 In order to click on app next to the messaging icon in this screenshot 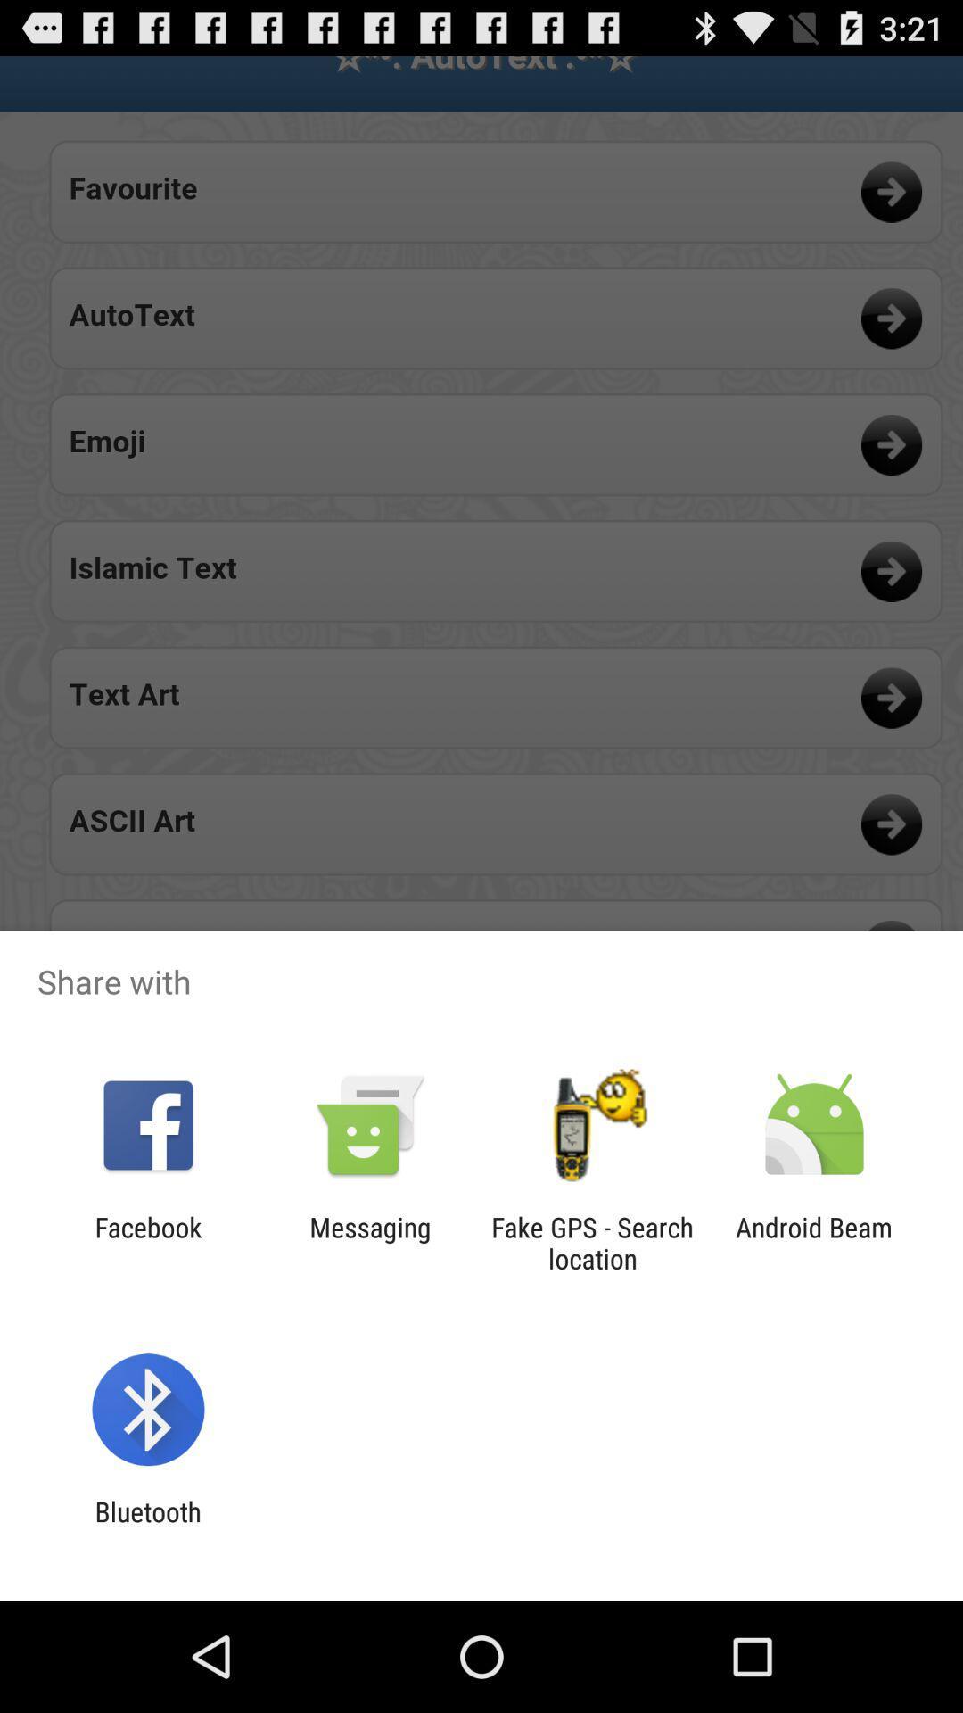, I will do `click(147, 1242)`.